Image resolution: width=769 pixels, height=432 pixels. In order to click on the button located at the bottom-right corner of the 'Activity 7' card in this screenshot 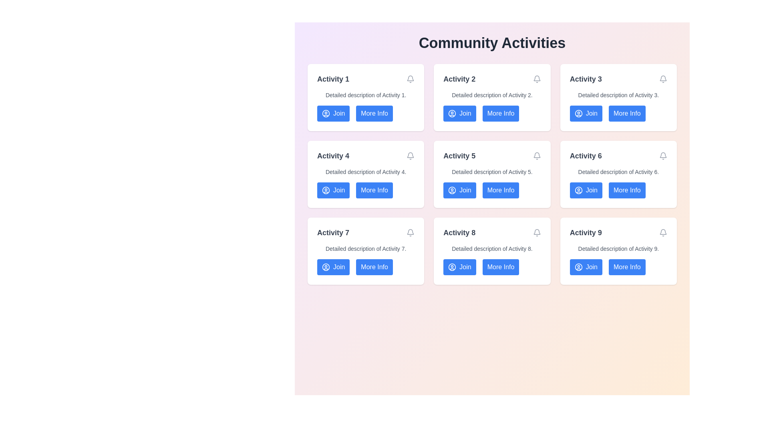, I will do `click(365, 267)`.